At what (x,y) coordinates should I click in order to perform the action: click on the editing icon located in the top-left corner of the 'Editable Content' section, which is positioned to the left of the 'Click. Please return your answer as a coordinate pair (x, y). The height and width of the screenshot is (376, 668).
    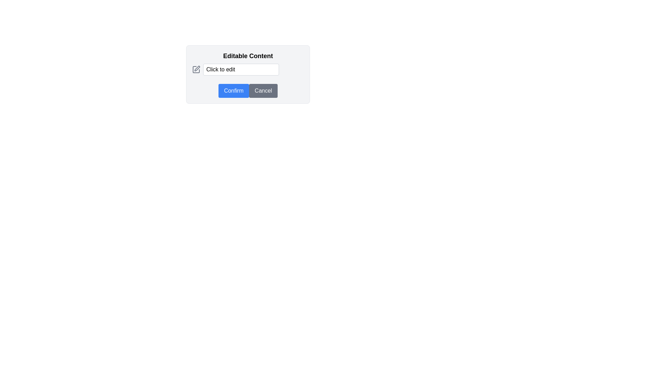
    Looking at the image, I should click on (196, 70).